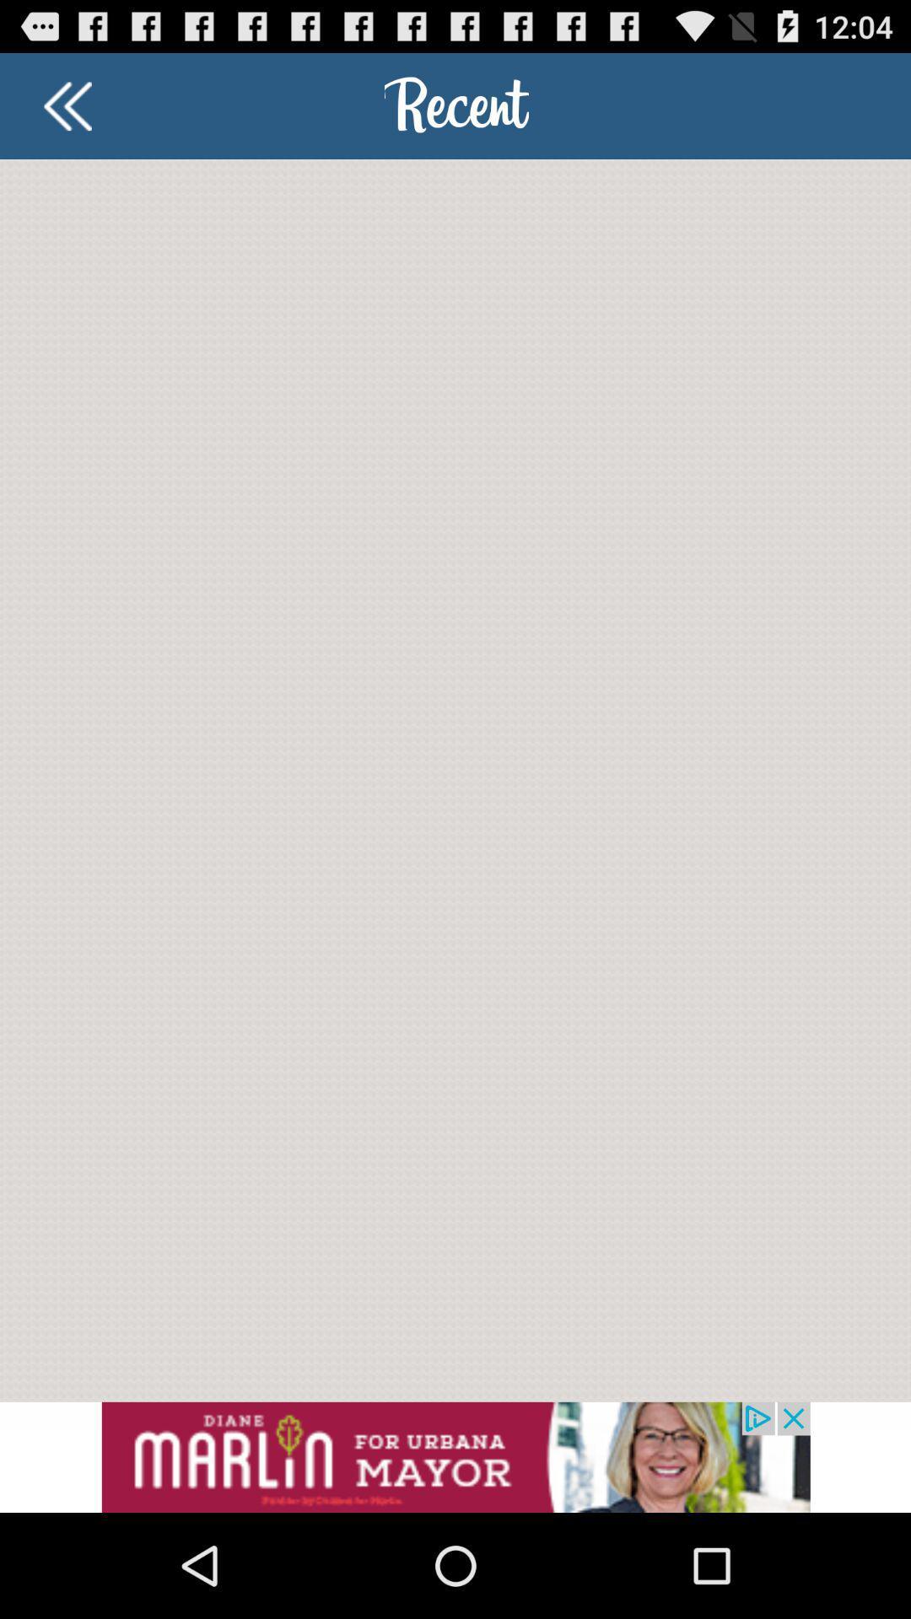  Describe the element at coordinates (67, 105) in the screenshot. I see `back` at that location.